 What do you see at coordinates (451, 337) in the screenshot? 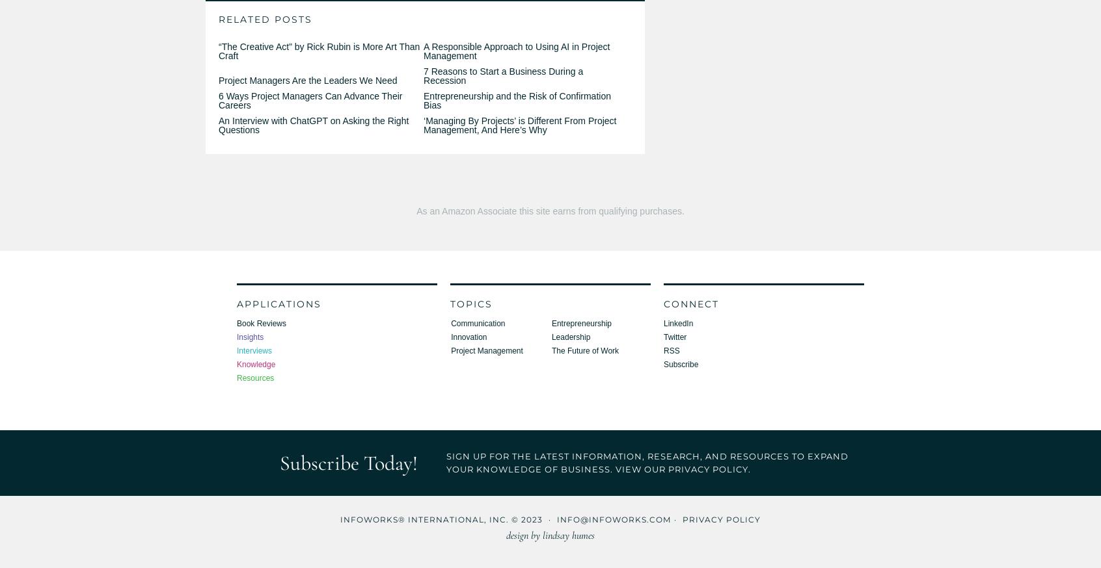
I see `'Innovation'` at bounding box center [451, 337].